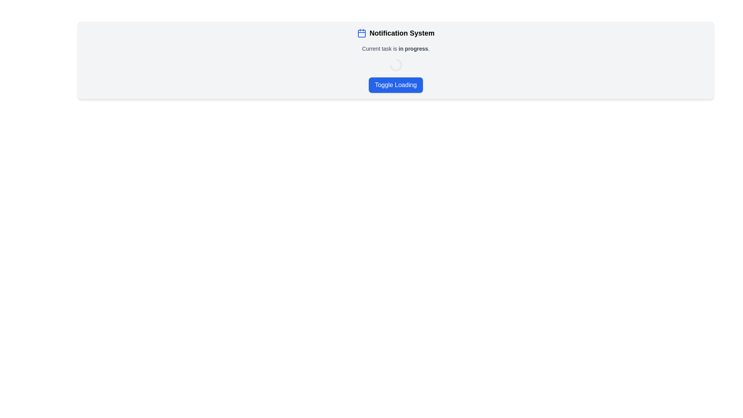  Describe the element at coordinates (361, 33) in the screenshot. I see `the calendar icon representing the 'Notification System' label, which is positioned to the left of the text and aligned horizontally at the top of the interface` at that location.